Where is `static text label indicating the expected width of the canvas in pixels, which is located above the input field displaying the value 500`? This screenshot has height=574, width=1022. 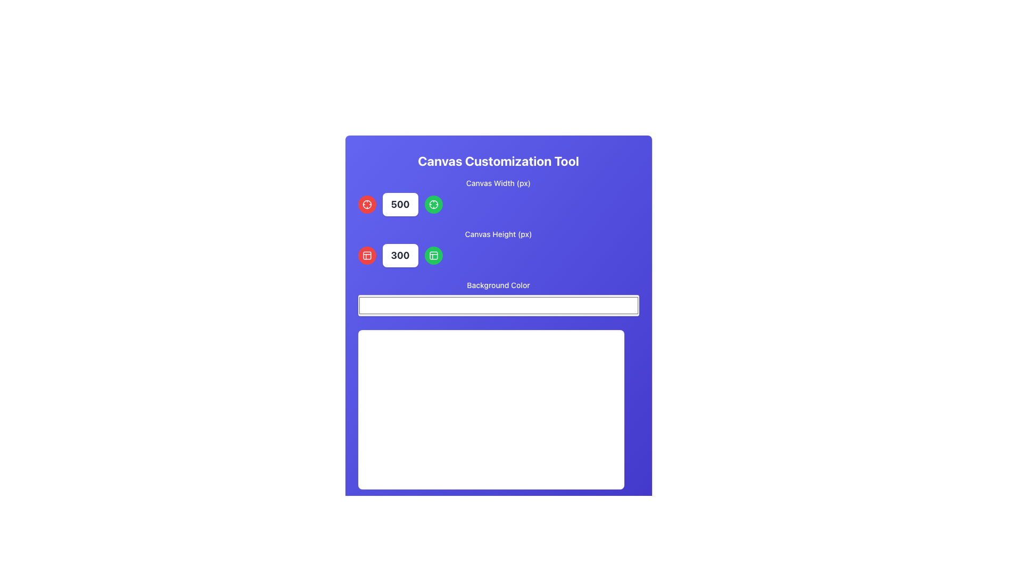 static text label indicating the expected width of the canvas in pixels, which is located above the input field displaying the value 500 is located at coordinates (498, 182).